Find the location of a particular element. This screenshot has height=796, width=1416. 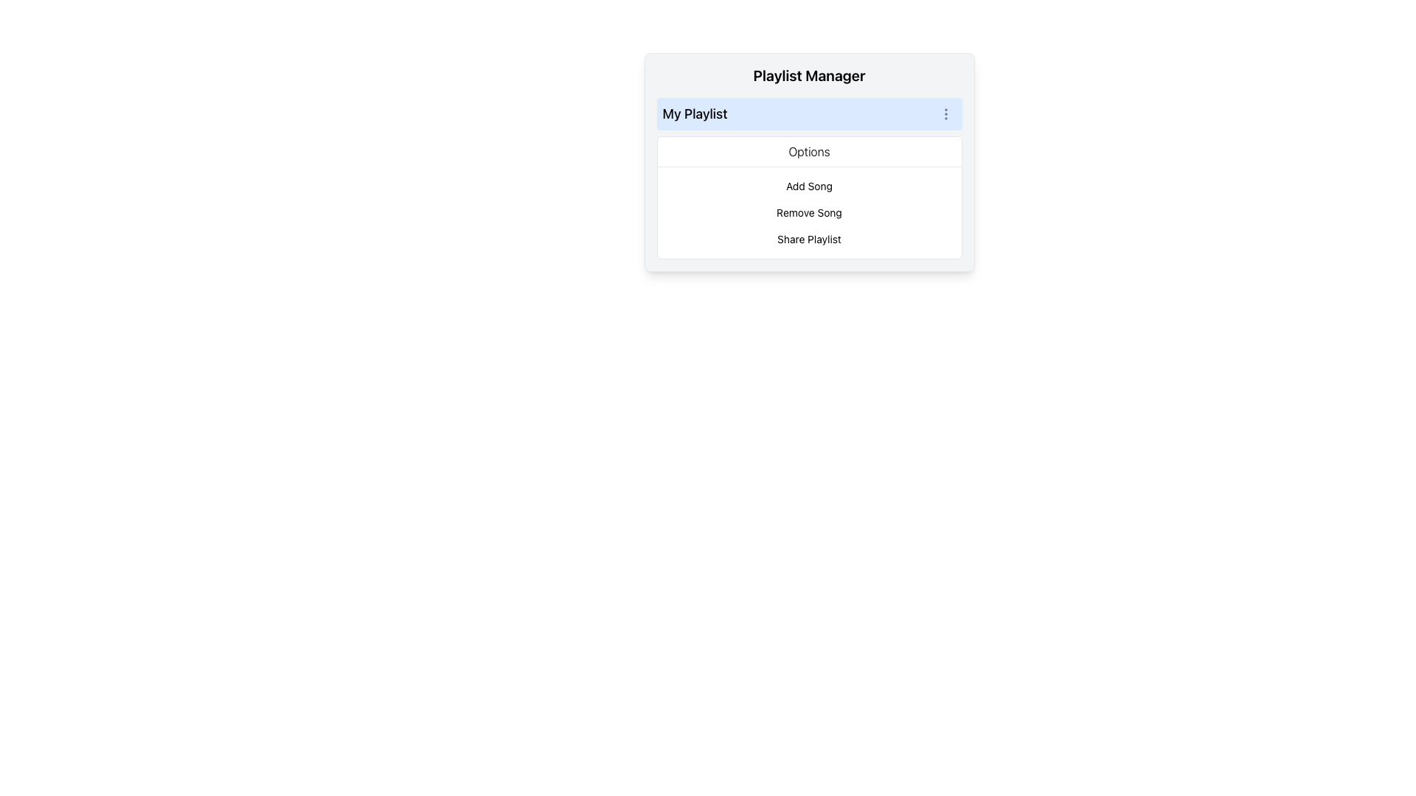

the 'Add Song' text element, which is the first option in the list of actions below the 'Options' header is located at coordinates (808, 186).